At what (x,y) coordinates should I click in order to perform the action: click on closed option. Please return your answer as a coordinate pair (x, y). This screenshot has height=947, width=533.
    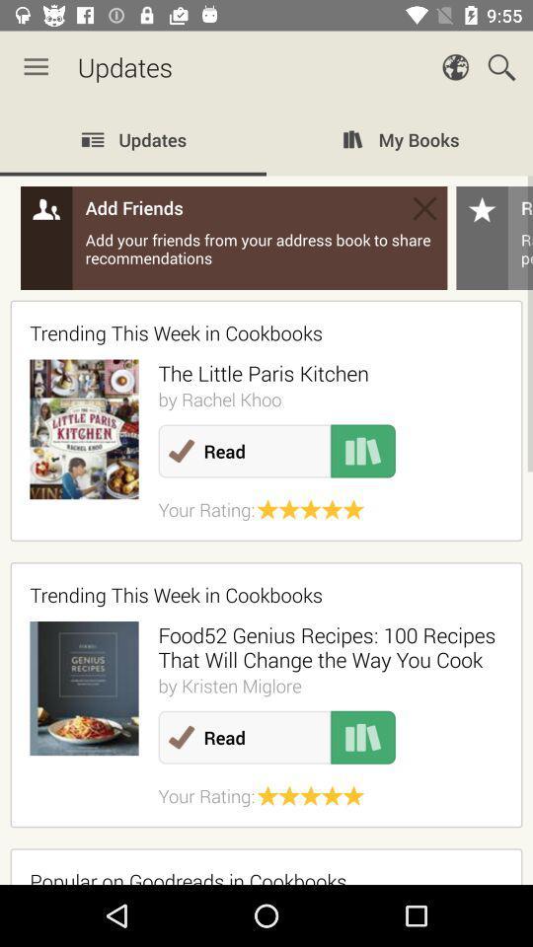
    Looking at the image, I should click on (423, 208).